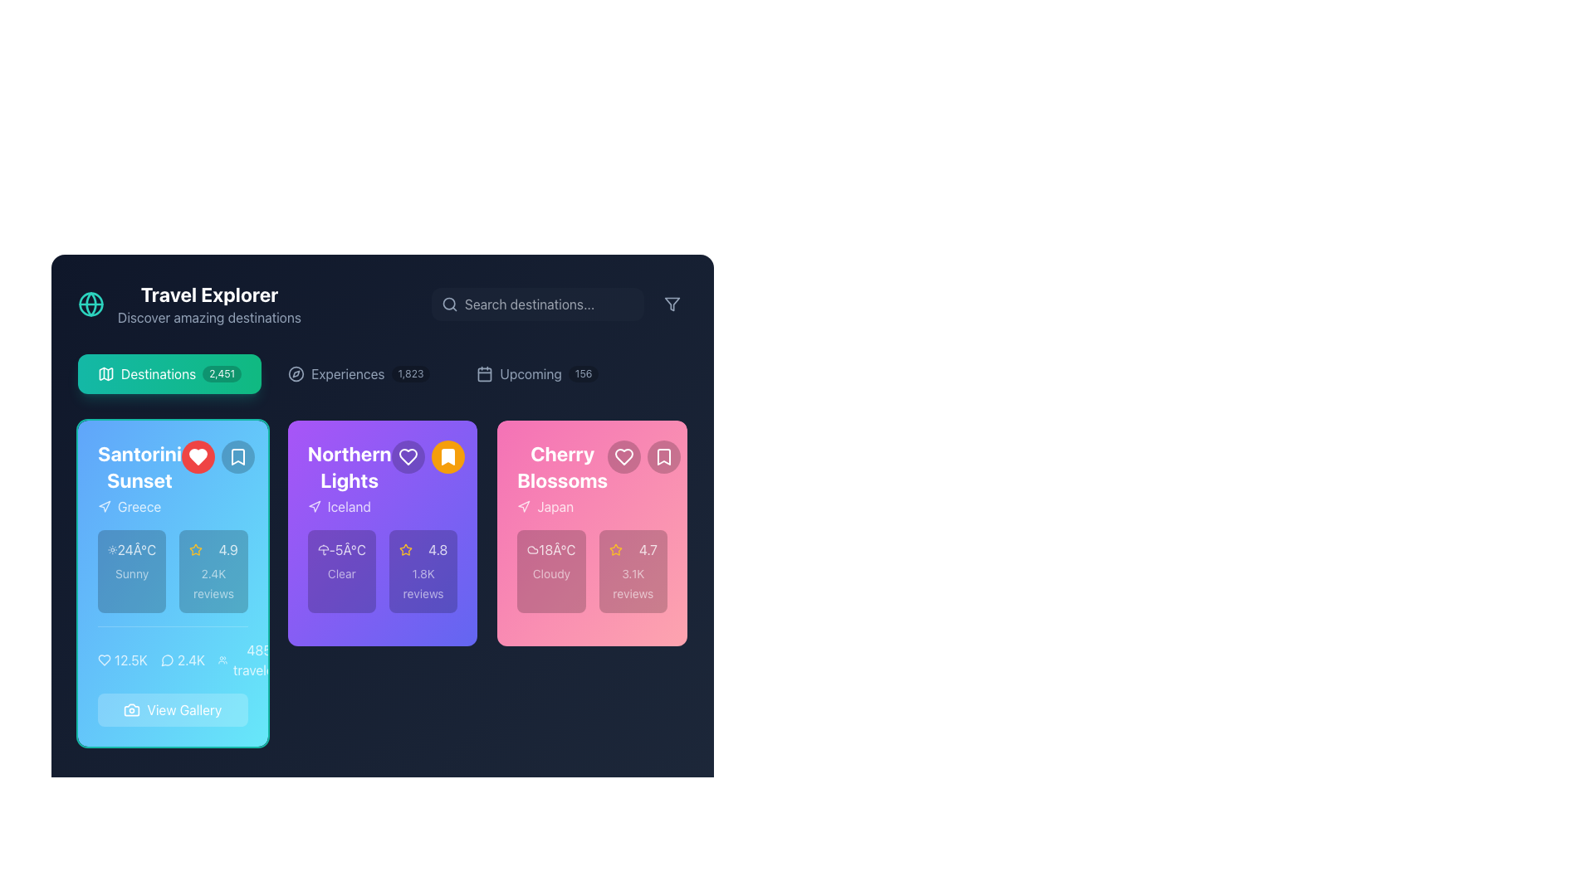 This screenshot has width=1594, height=896. Describe the element at coordinates (623, 457) in the screenshot. I see `the left circular button to favorite or like the Cherry Blossoms card located in the top-right corner of the pink card` at that location.